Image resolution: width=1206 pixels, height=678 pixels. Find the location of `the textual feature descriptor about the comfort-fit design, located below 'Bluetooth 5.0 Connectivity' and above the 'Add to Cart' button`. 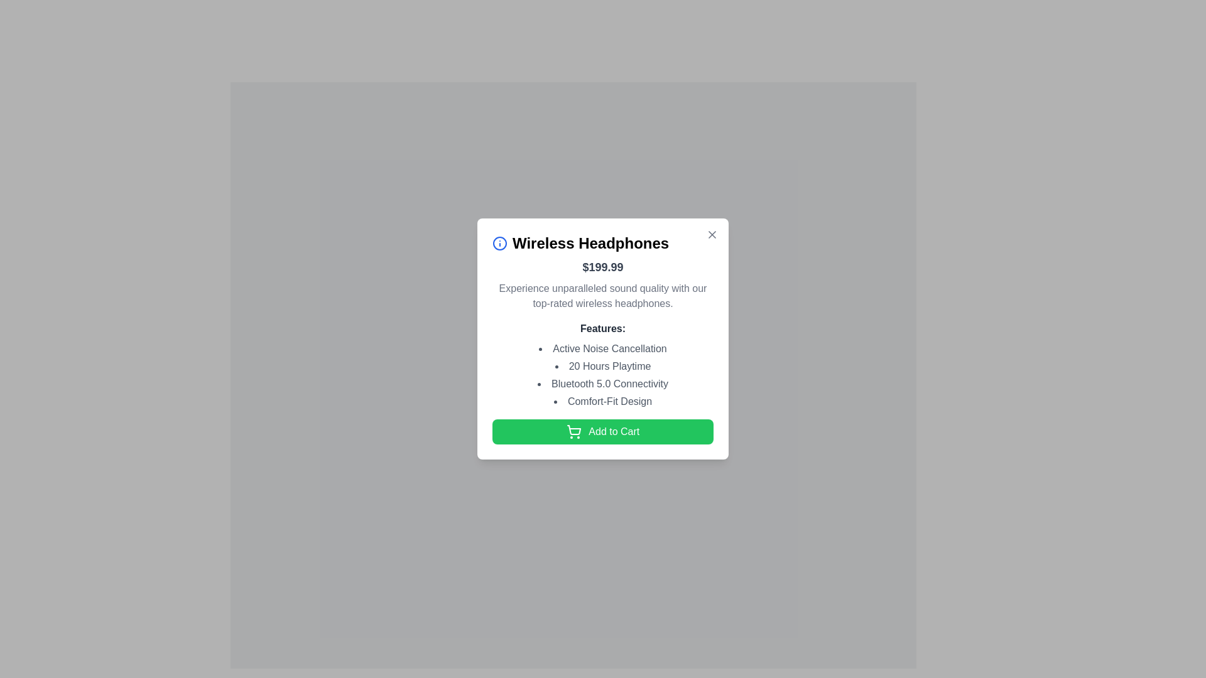

the textual feature descriptor about the comfort-fit design, located below 'Bluetooth 5.0 Connectivity' and above the 'Add to Cart' button is located at coordinates (603, 401).